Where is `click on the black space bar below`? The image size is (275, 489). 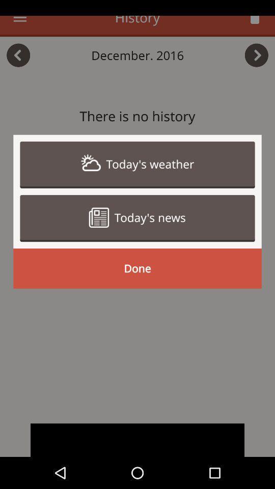
click on the black space bar below is located at coordinates (137, 440).